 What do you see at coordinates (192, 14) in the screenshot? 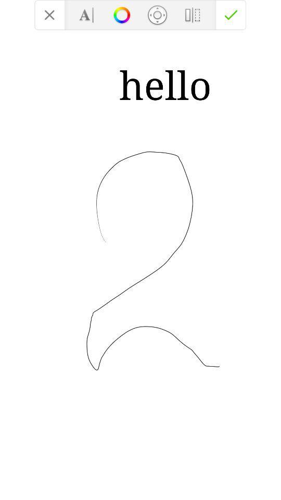
I see `entire screen or selection on screen` at bounding box center [192, 14].